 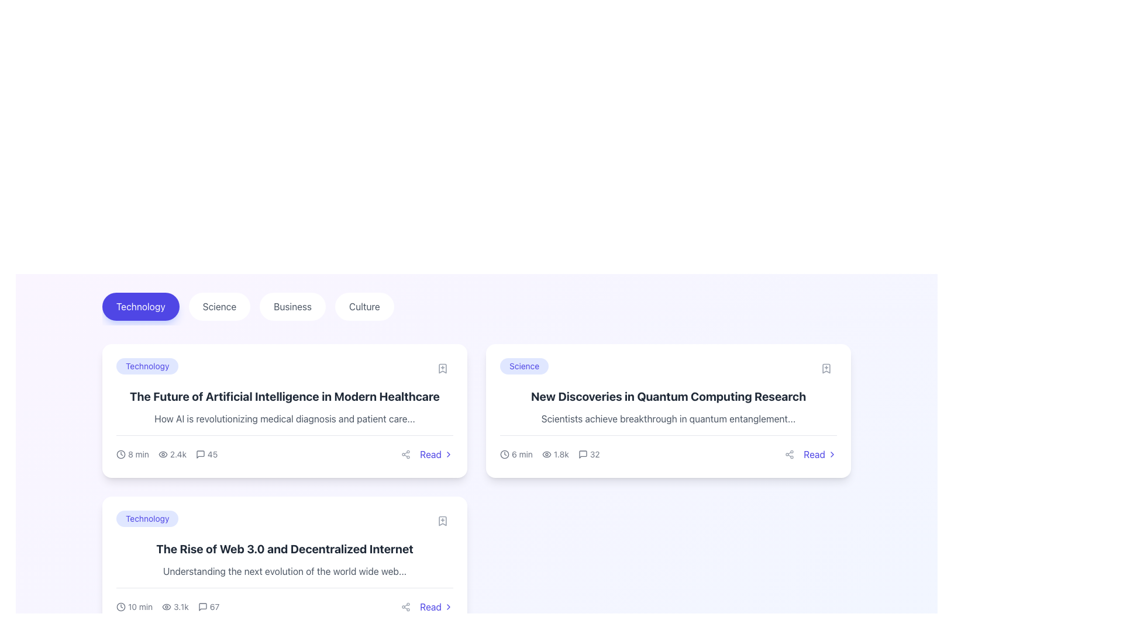 What do you see at coordinates (442, 369) in the screenshot?
I see `the lower segment of the bookmark icon displayed on the top-right corner of the card titled 'The Future of Artificial Intelligence in Modern Healthcare'` at bounding box center [442, 369].